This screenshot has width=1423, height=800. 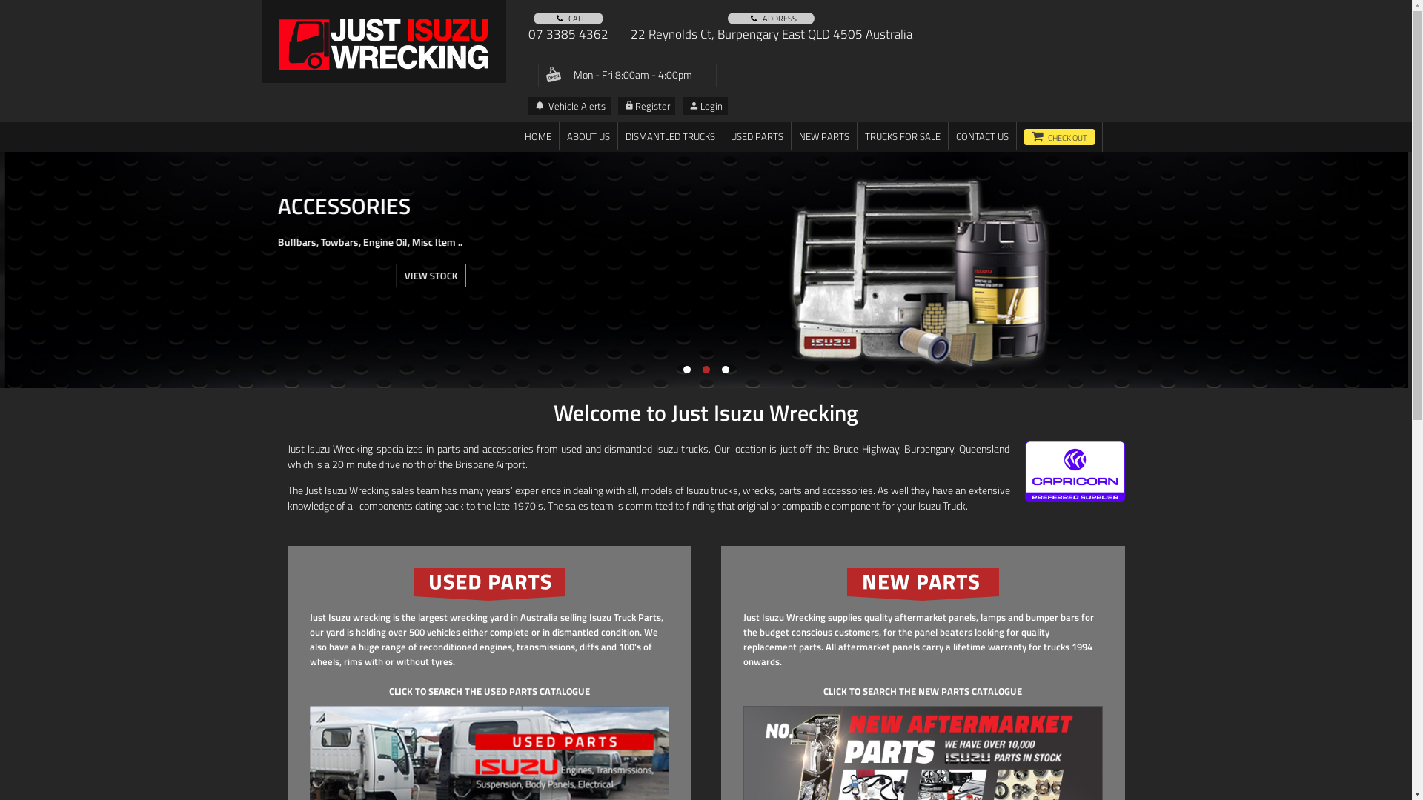 What do you see at coordinates (982, 136) in the screenshot?
I see `'CONTACT US'` at bounding box center [982, 136].